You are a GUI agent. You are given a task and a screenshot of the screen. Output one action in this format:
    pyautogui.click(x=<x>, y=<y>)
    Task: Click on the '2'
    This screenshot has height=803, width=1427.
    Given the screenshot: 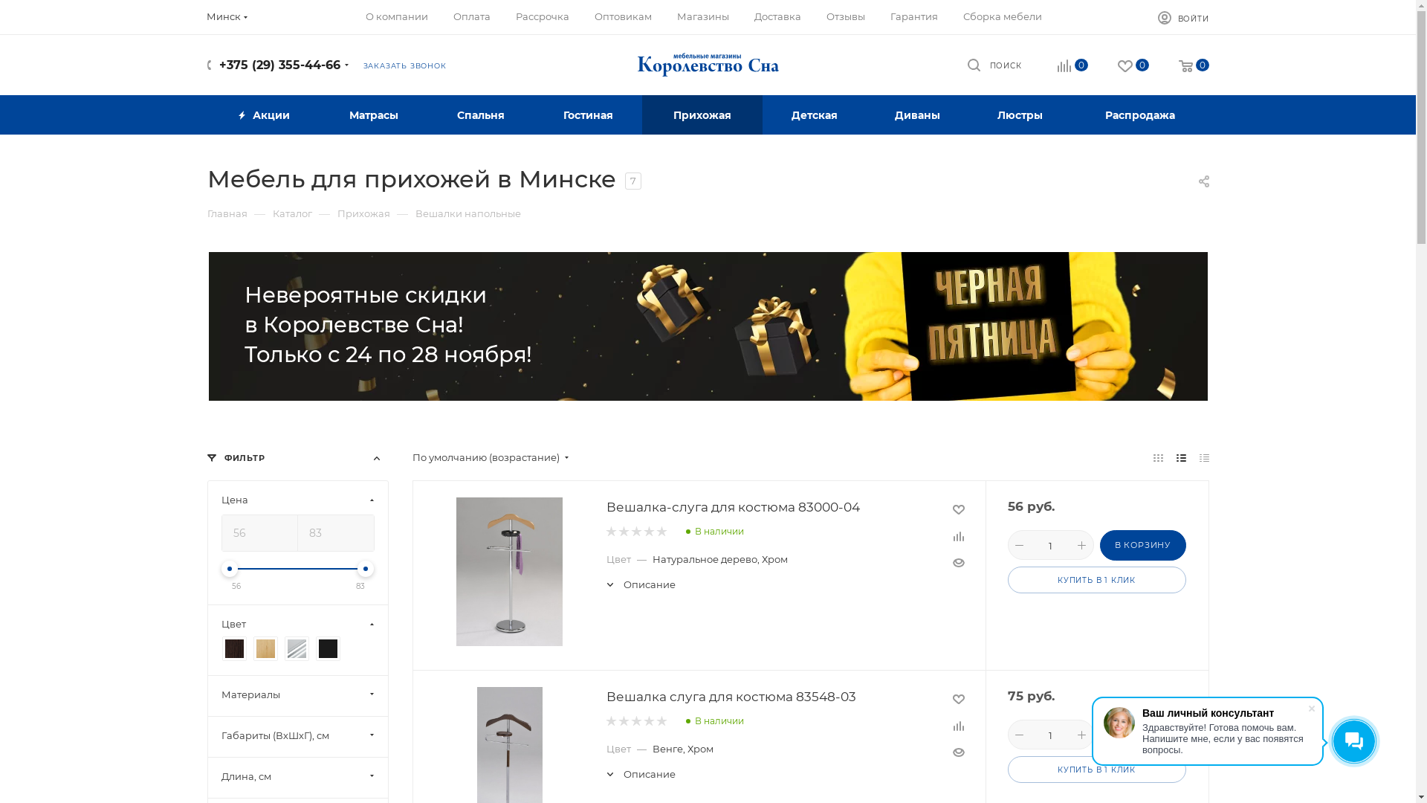 What is the action you would take?
    pyautogui.click(x=623, y=720)
    